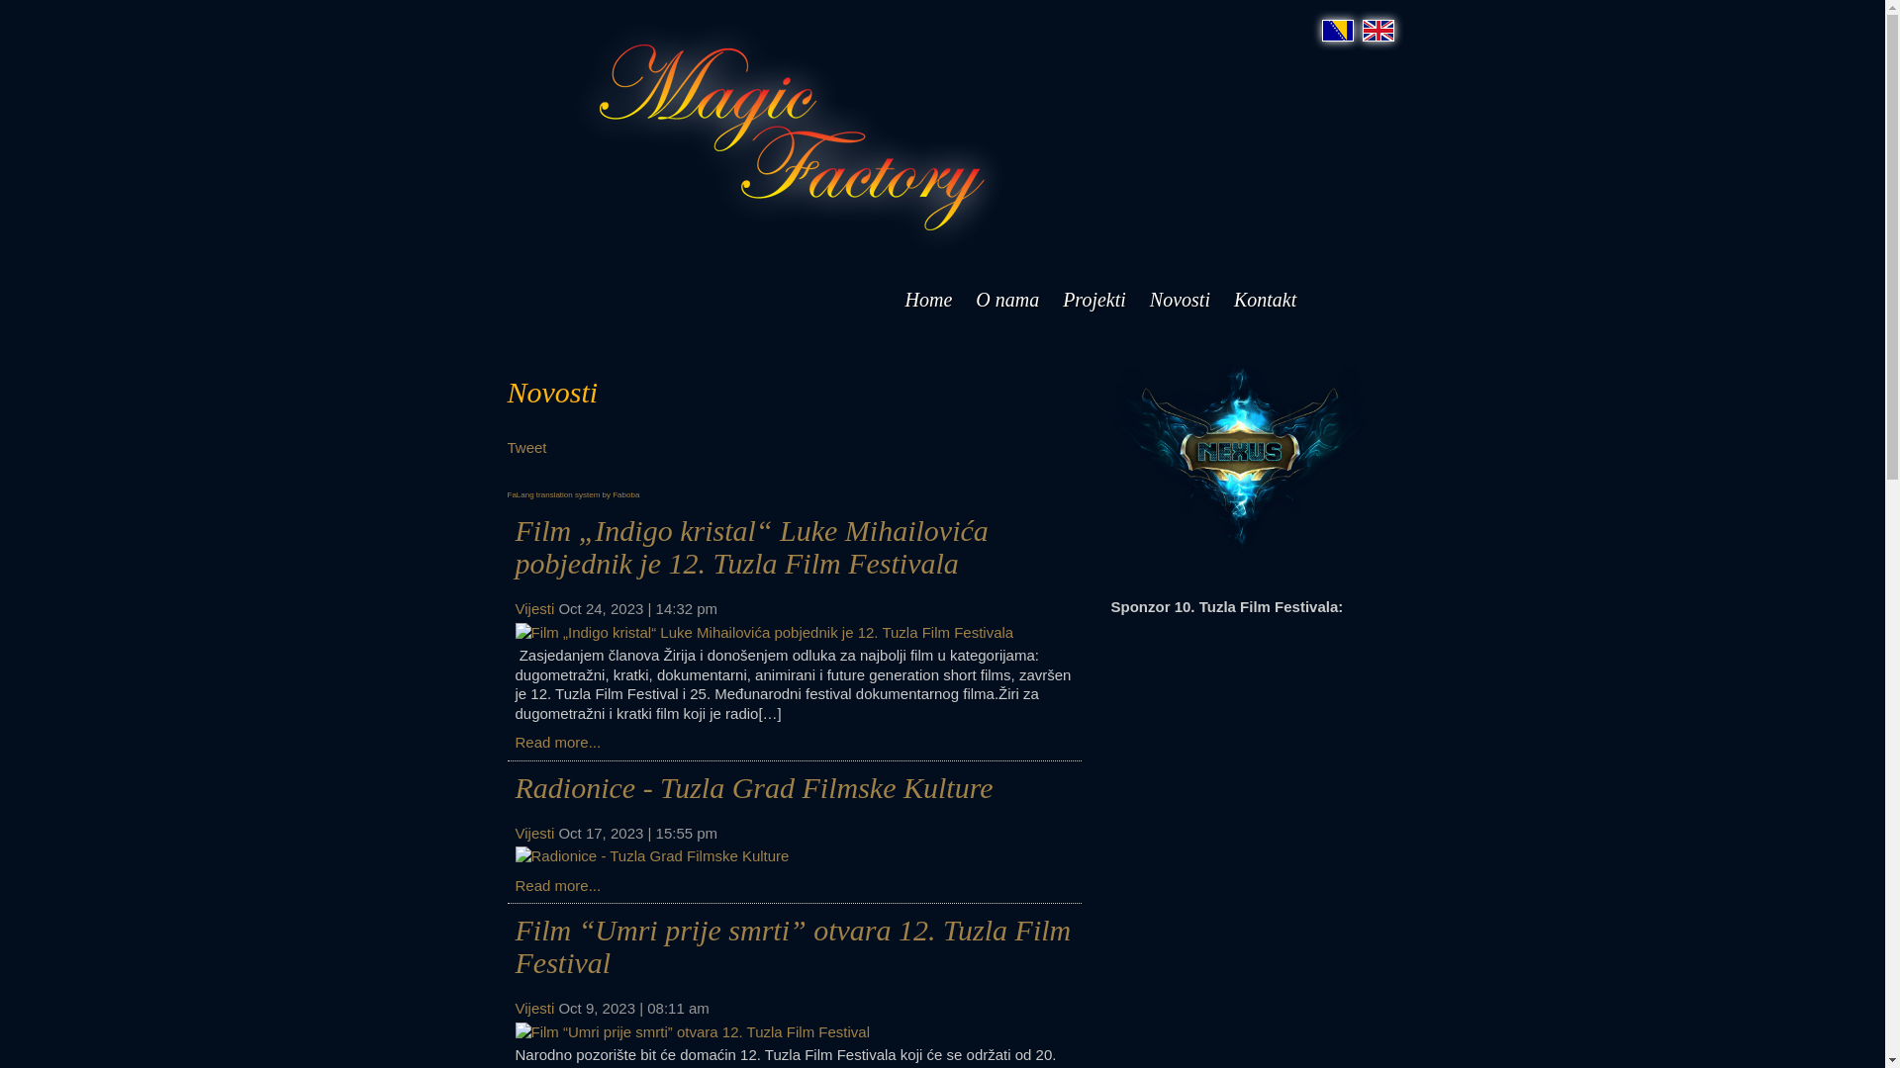 This screenshot has height=1068, width=1900. I want to click on 'FaLang translation system by Faboba', so click(572, 493).